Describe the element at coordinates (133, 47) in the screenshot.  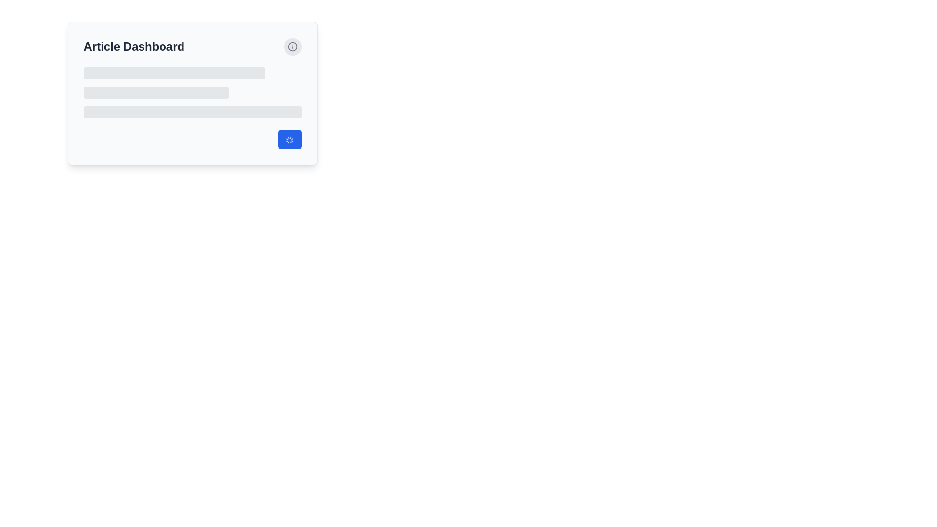
I see `the prominent text label displaying 'Article Dashboard', which is styled with a large, bold font and located at the top left corner of its containing card` at that location.